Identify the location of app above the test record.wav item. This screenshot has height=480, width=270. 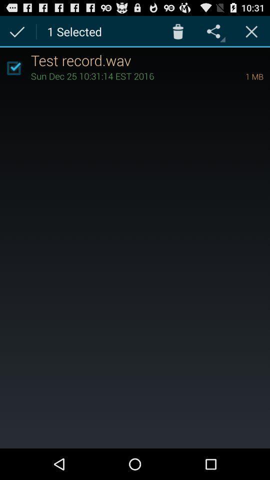
(177, 31).